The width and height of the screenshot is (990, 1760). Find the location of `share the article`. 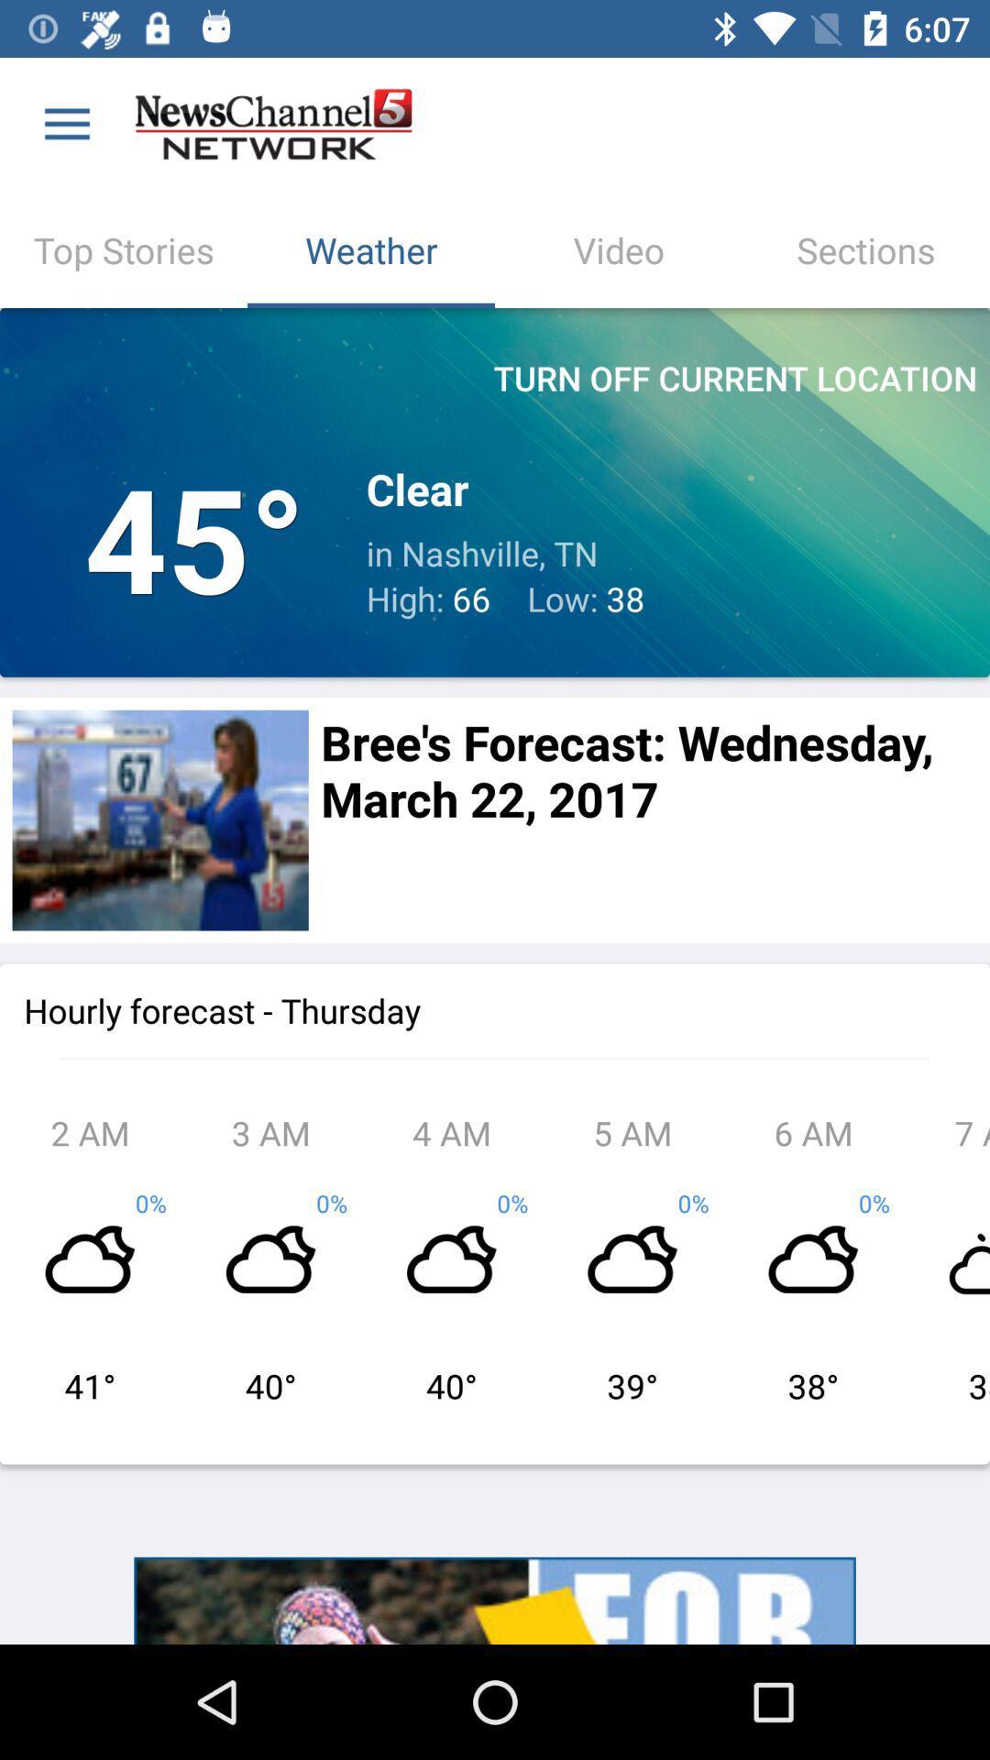

share the article is located at coordinates (159, 819).